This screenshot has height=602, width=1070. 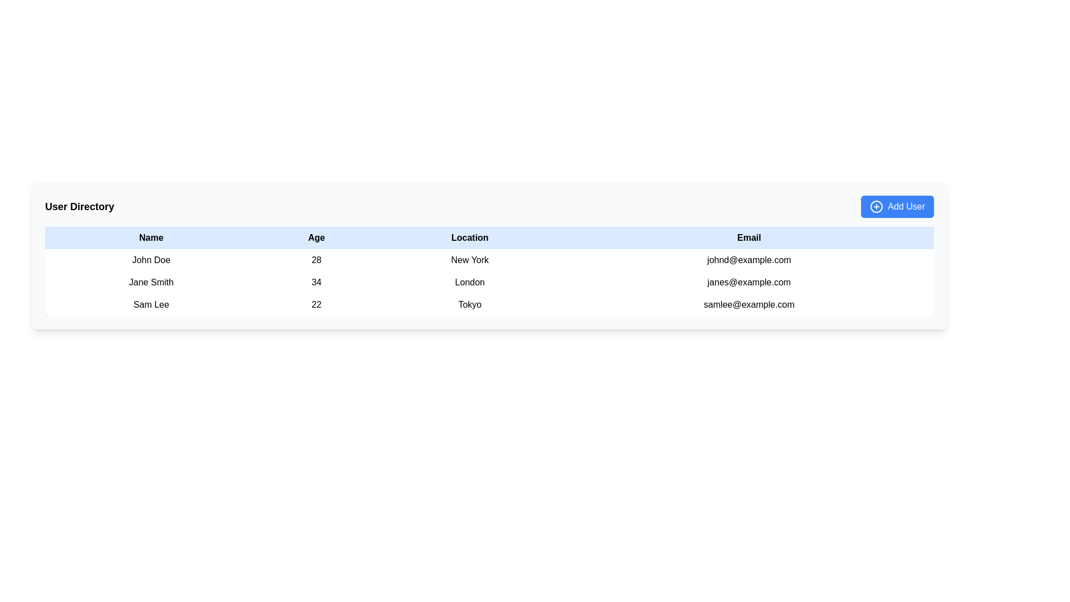 What do you see at coordinates (489, 281) in the screenshot?
I see `the second row of the user directory table displaying information about Jane Smith` at bounding box center [489, 281].